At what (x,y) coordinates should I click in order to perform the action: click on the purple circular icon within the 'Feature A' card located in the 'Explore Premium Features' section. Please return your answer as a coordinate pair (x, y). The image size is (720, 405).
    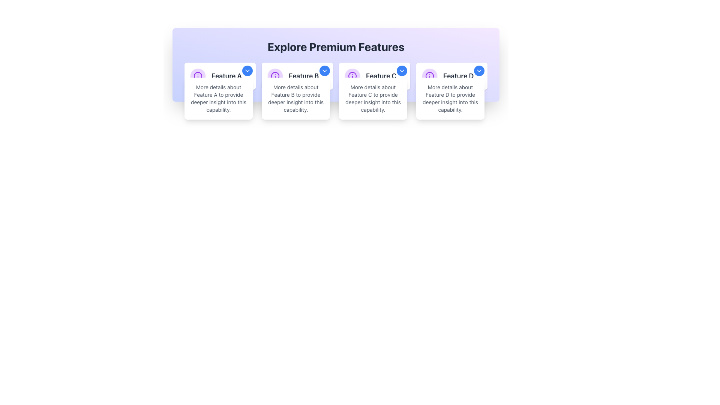
    Looking at the image, I should click on (198, 76).